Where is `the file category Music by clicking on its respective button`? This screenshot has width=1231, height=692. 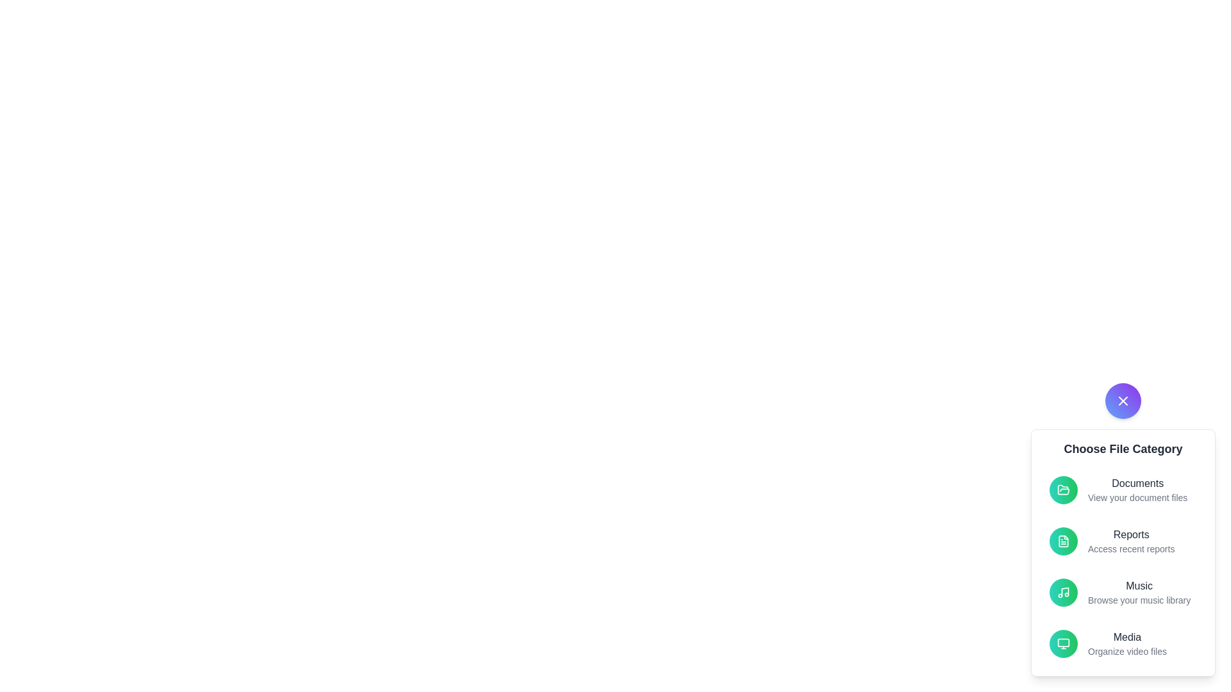 the file category Music by clicking on its respective button is located at coordinates (1064, 593).